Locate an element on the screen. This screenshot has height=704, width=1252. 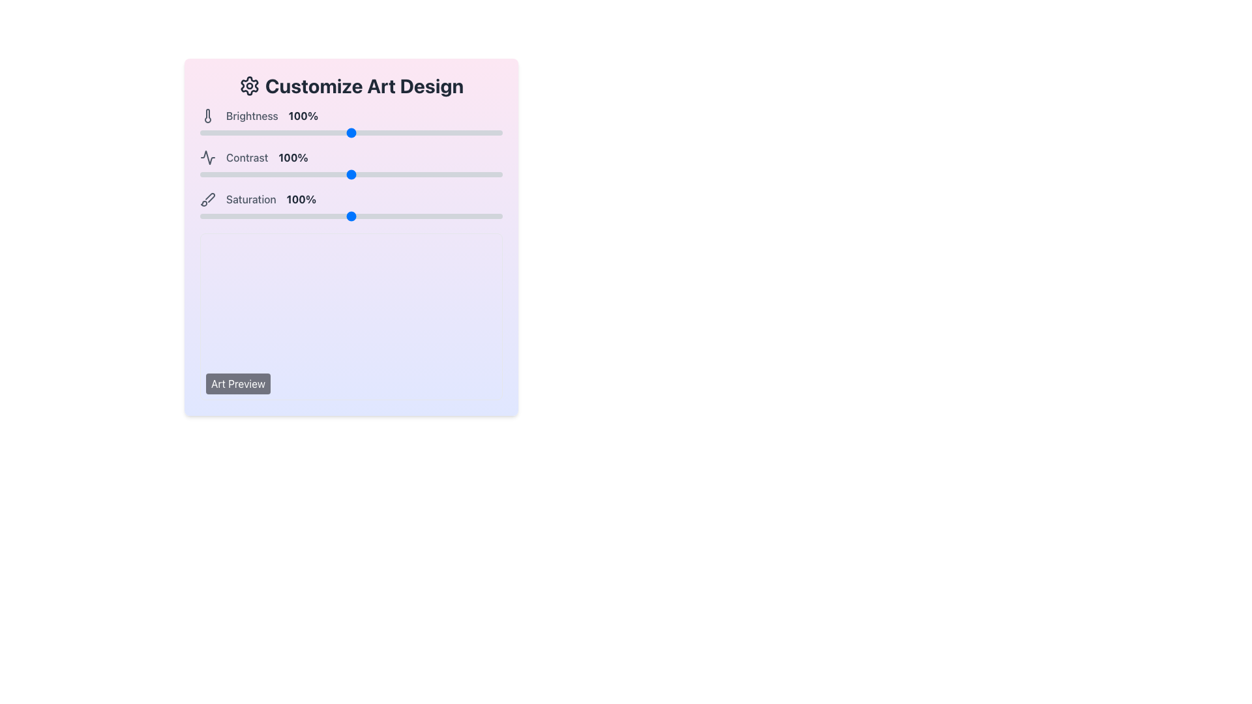
the contrast level is located at coordinates (201, 173).